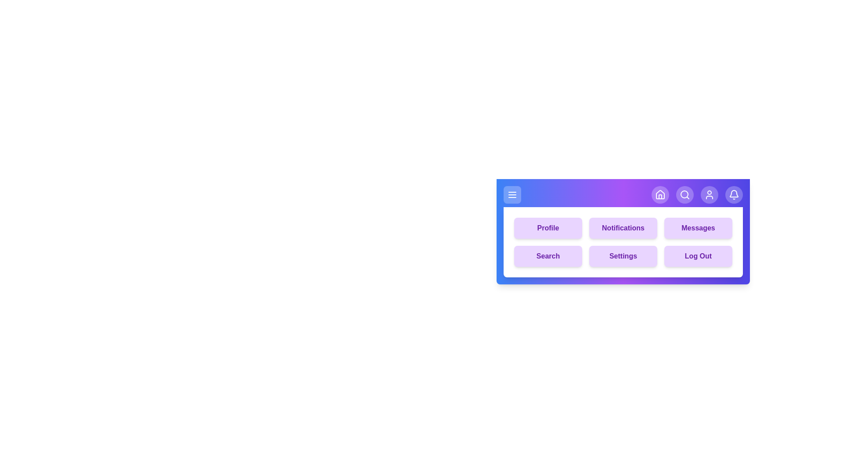 The image size is (843, 474). What do you see at coordinates (734, 194) in the screenshot?
I see `the bell icon in the navigation bar` at bounding box center [734, 194].